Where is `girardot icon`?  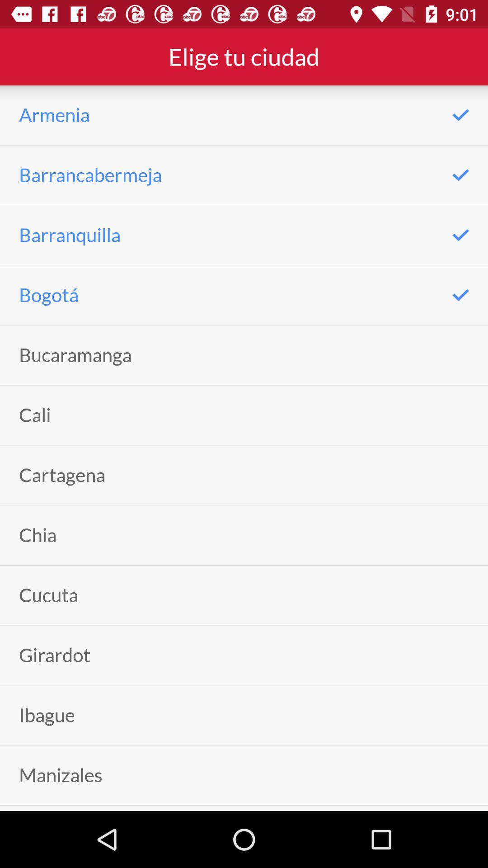 girardot icon is located at coordinates (55, 655).